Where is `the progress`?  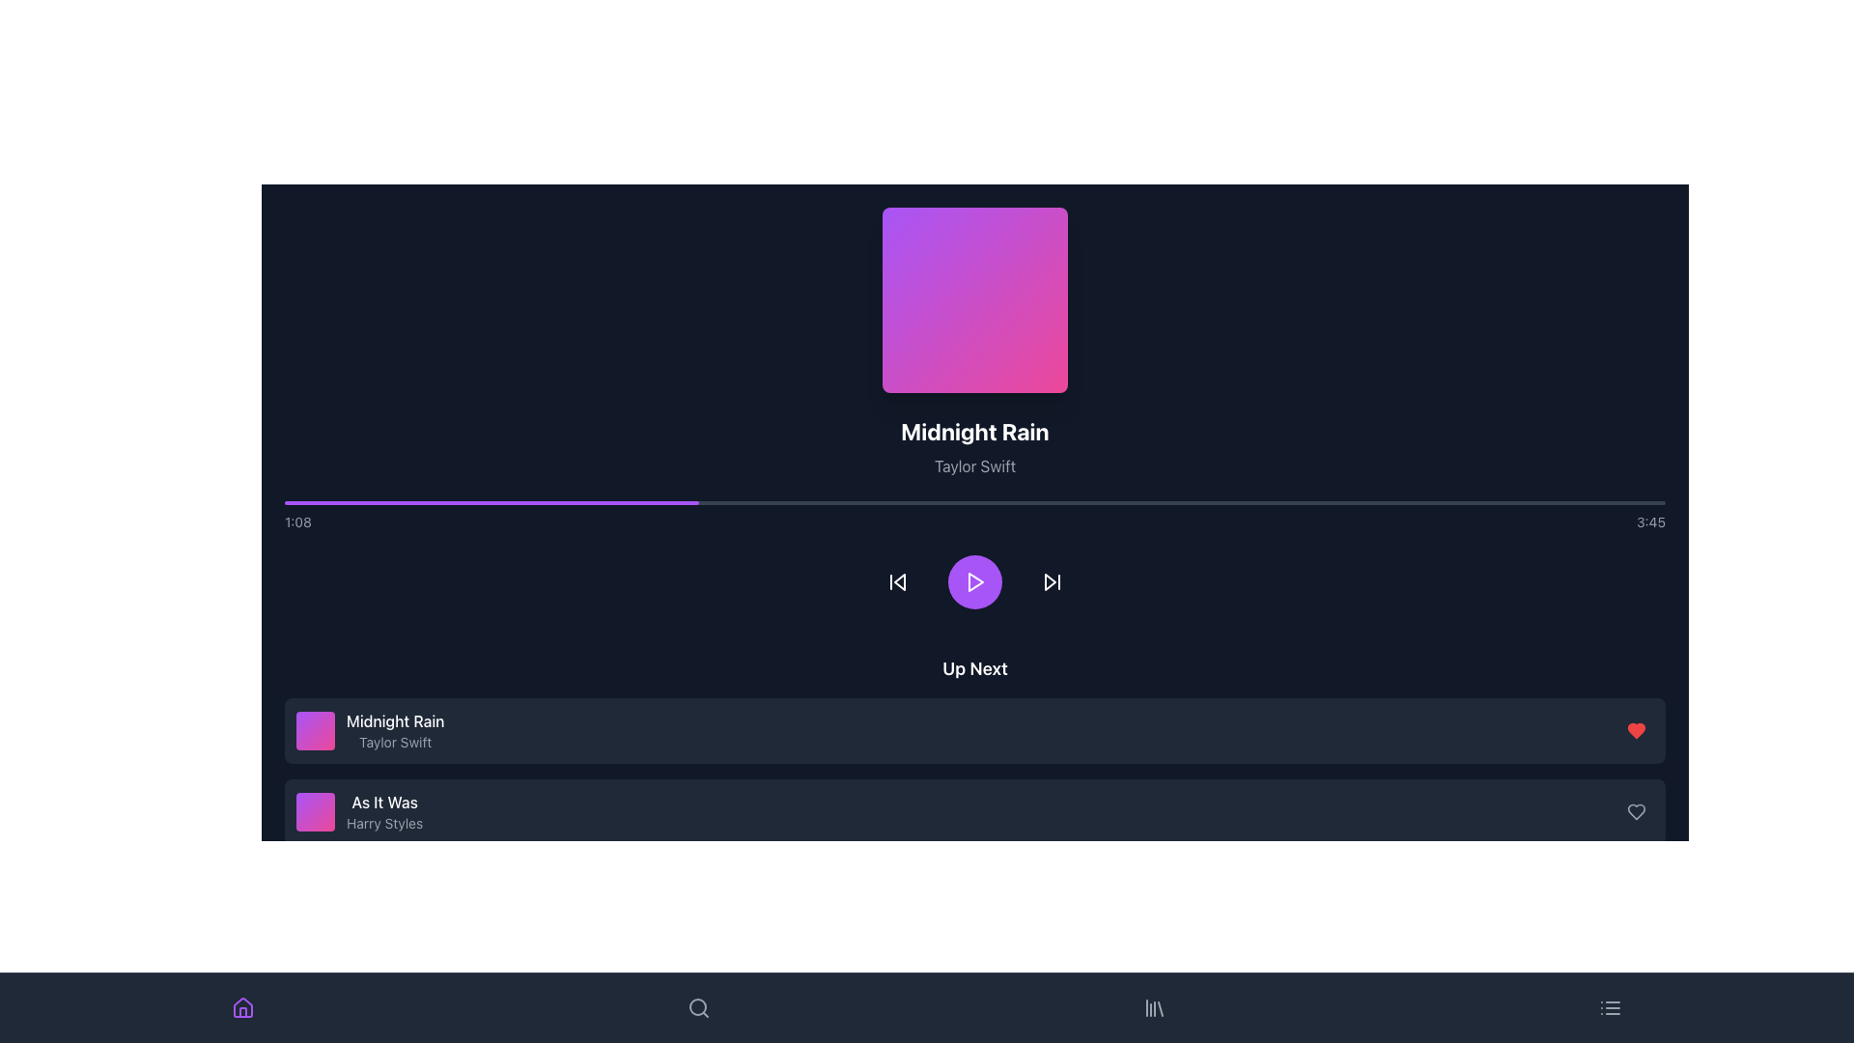
the progress is located at coordinates (1112, 501).